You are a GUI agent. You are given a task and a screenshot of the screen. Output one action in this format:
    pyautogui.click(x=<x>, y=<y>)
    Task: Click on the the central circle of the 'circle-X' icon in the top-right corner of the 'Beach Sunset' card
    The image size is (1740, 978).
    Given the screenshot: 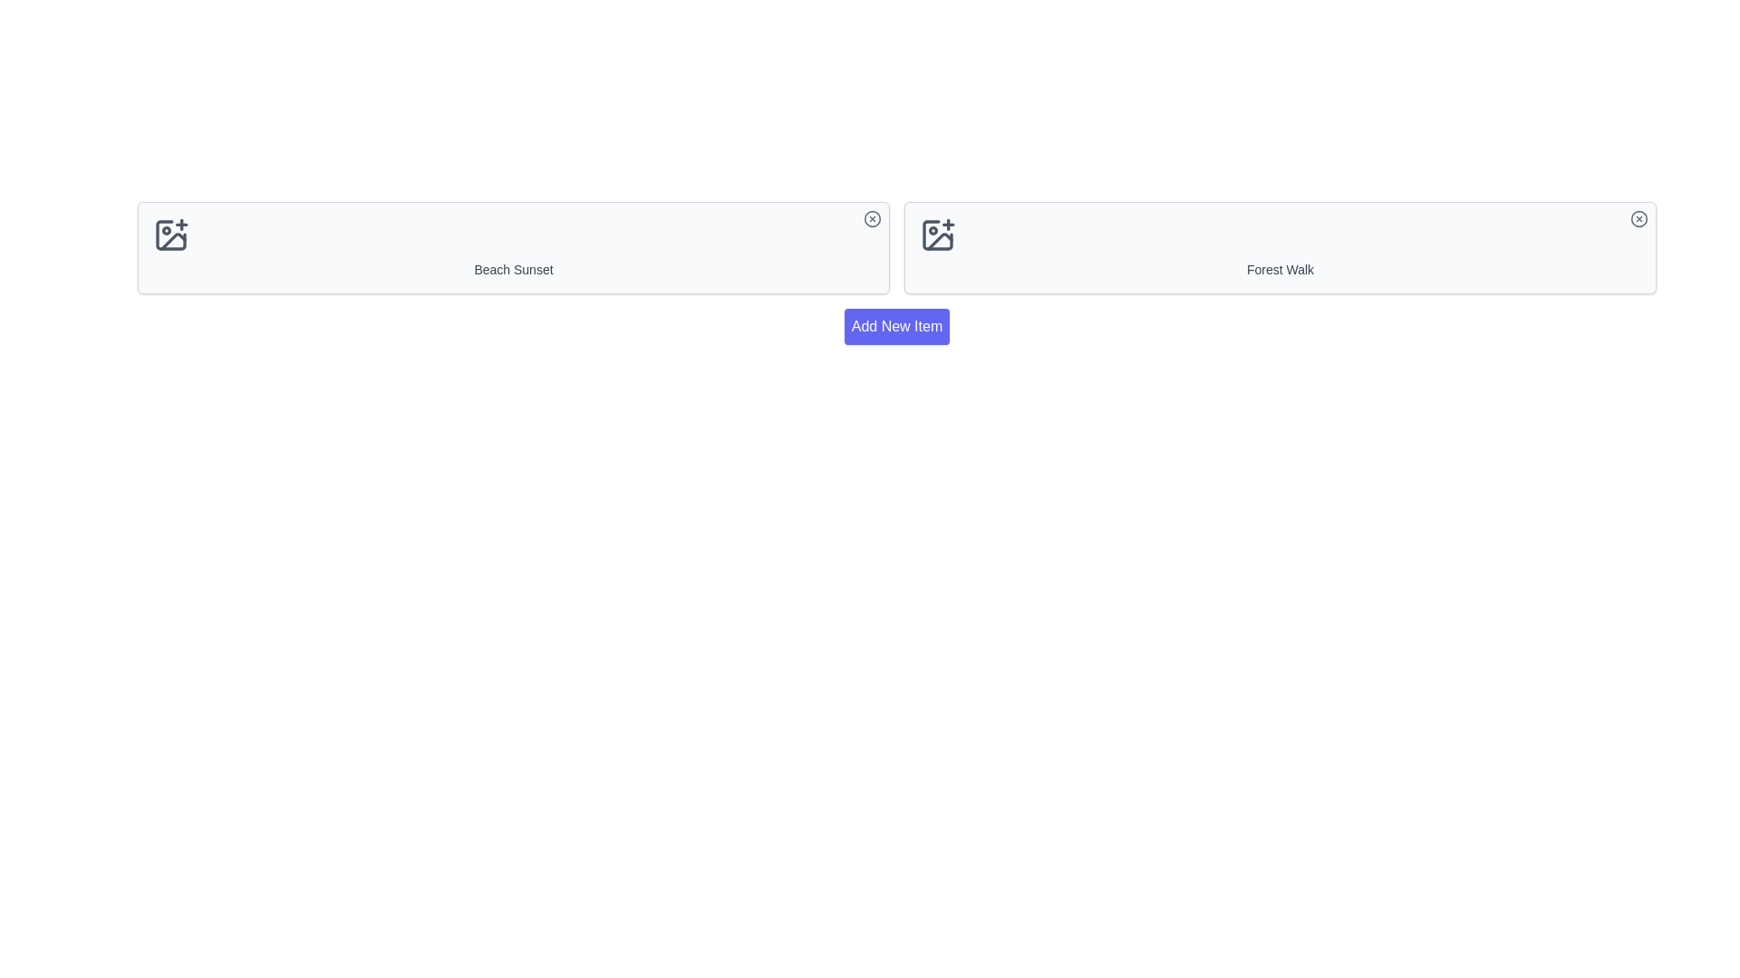 What is the action you would take?
    pyautogui.click(x=873, y=218)
    